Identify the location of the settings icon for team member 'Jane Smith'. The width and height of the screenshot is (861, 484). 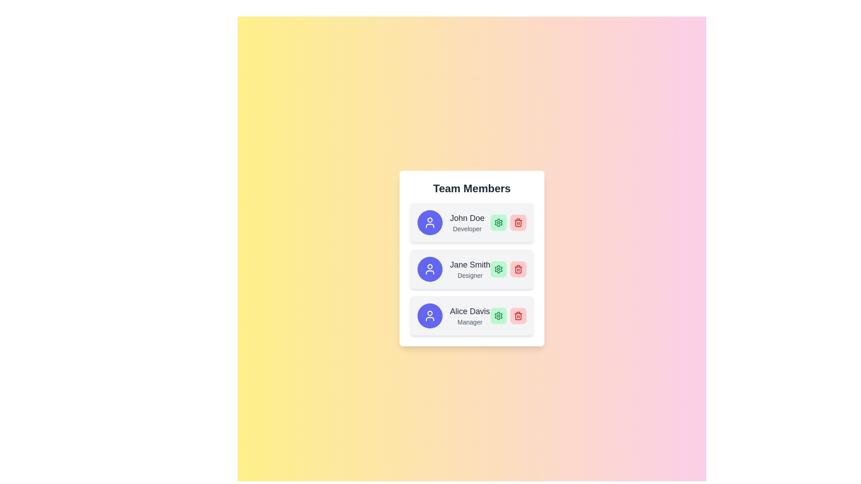
(497, 269).